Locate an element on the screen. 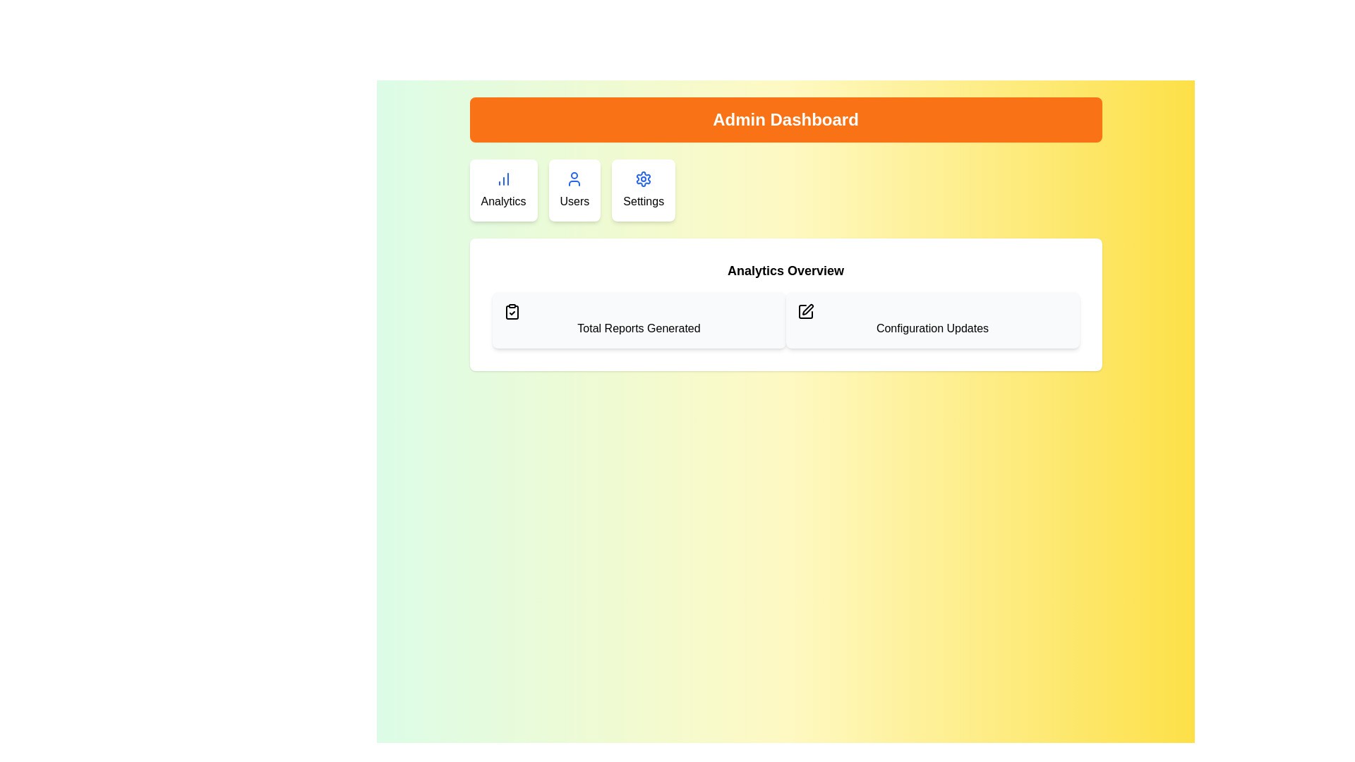 Image resolution: width=1355 pixels, height=762 pixels. the Analytics menu button is located at coordinates (503, 190).